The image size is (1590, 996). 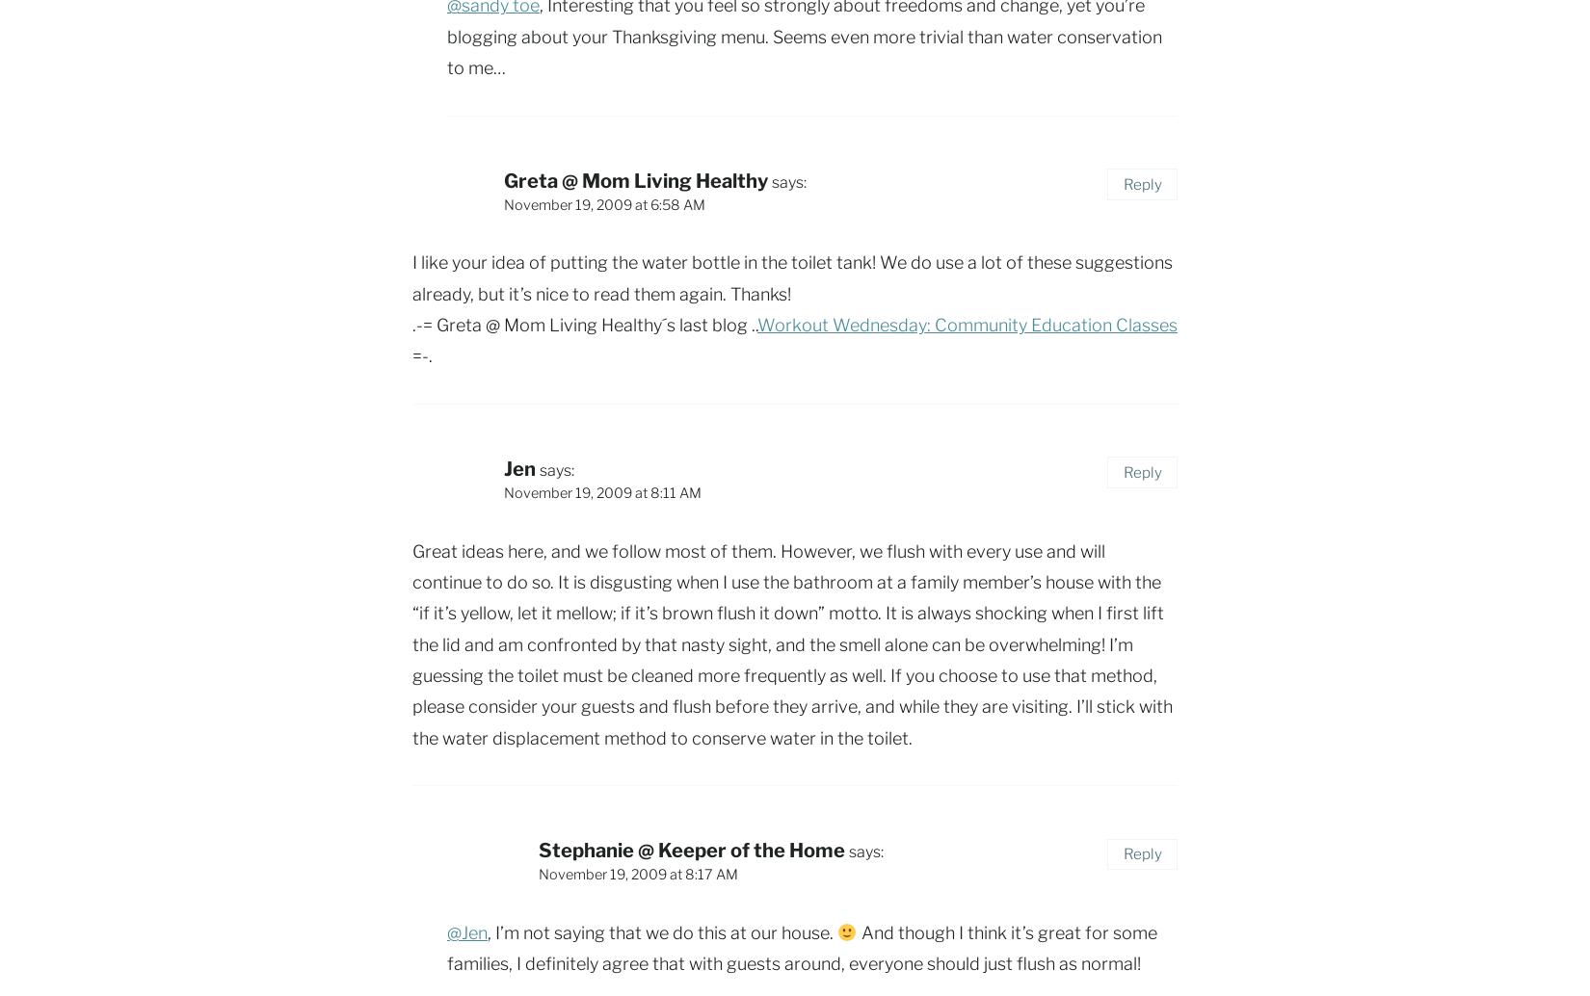 I want to click on 'Stephanie @ Keeper of the Home', so click(x=691, y=850).